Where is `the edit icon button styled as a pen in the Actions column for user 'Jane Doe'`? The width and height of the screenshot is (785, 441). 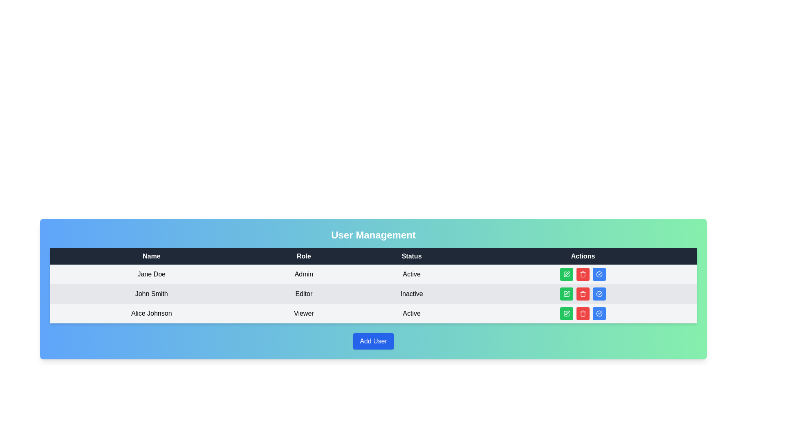 the edit icon button styled as a pen in the Actions column for user 'Jane Doe' is located at coordinates (566, 274).